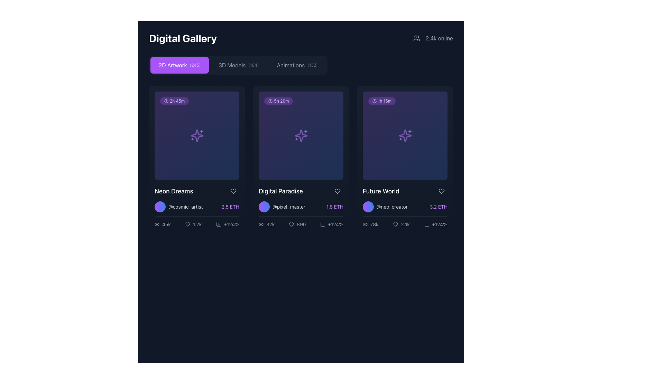 Image resolution: width=664 pixels, height=373 pixels. I want to click on the decorative graphic card that displays the duration '1h 15m', which is centrally located within the third card of a horizontally aligned digital gallery, so click(405, 136).